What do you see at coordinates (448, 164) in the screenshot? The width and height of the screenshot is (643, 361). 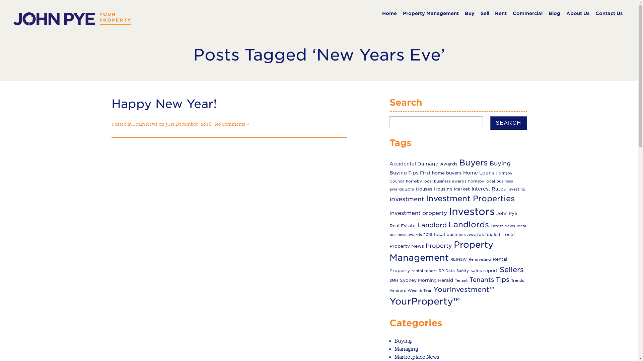 I see `'Awards'` at bounding box center [448, 164].